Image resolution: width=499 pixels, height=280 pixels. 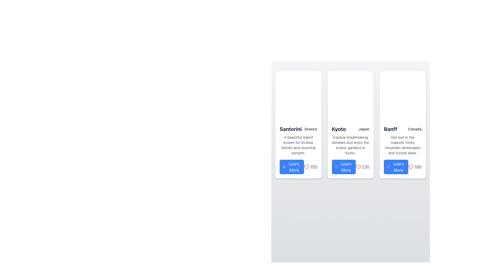 I want to click on the small text label that reads 'Japan', which is styled in gray and positioned directly to the right of the title 'Kyoto' within the card layout for 'Kyoto', so click(x=364, y=129).